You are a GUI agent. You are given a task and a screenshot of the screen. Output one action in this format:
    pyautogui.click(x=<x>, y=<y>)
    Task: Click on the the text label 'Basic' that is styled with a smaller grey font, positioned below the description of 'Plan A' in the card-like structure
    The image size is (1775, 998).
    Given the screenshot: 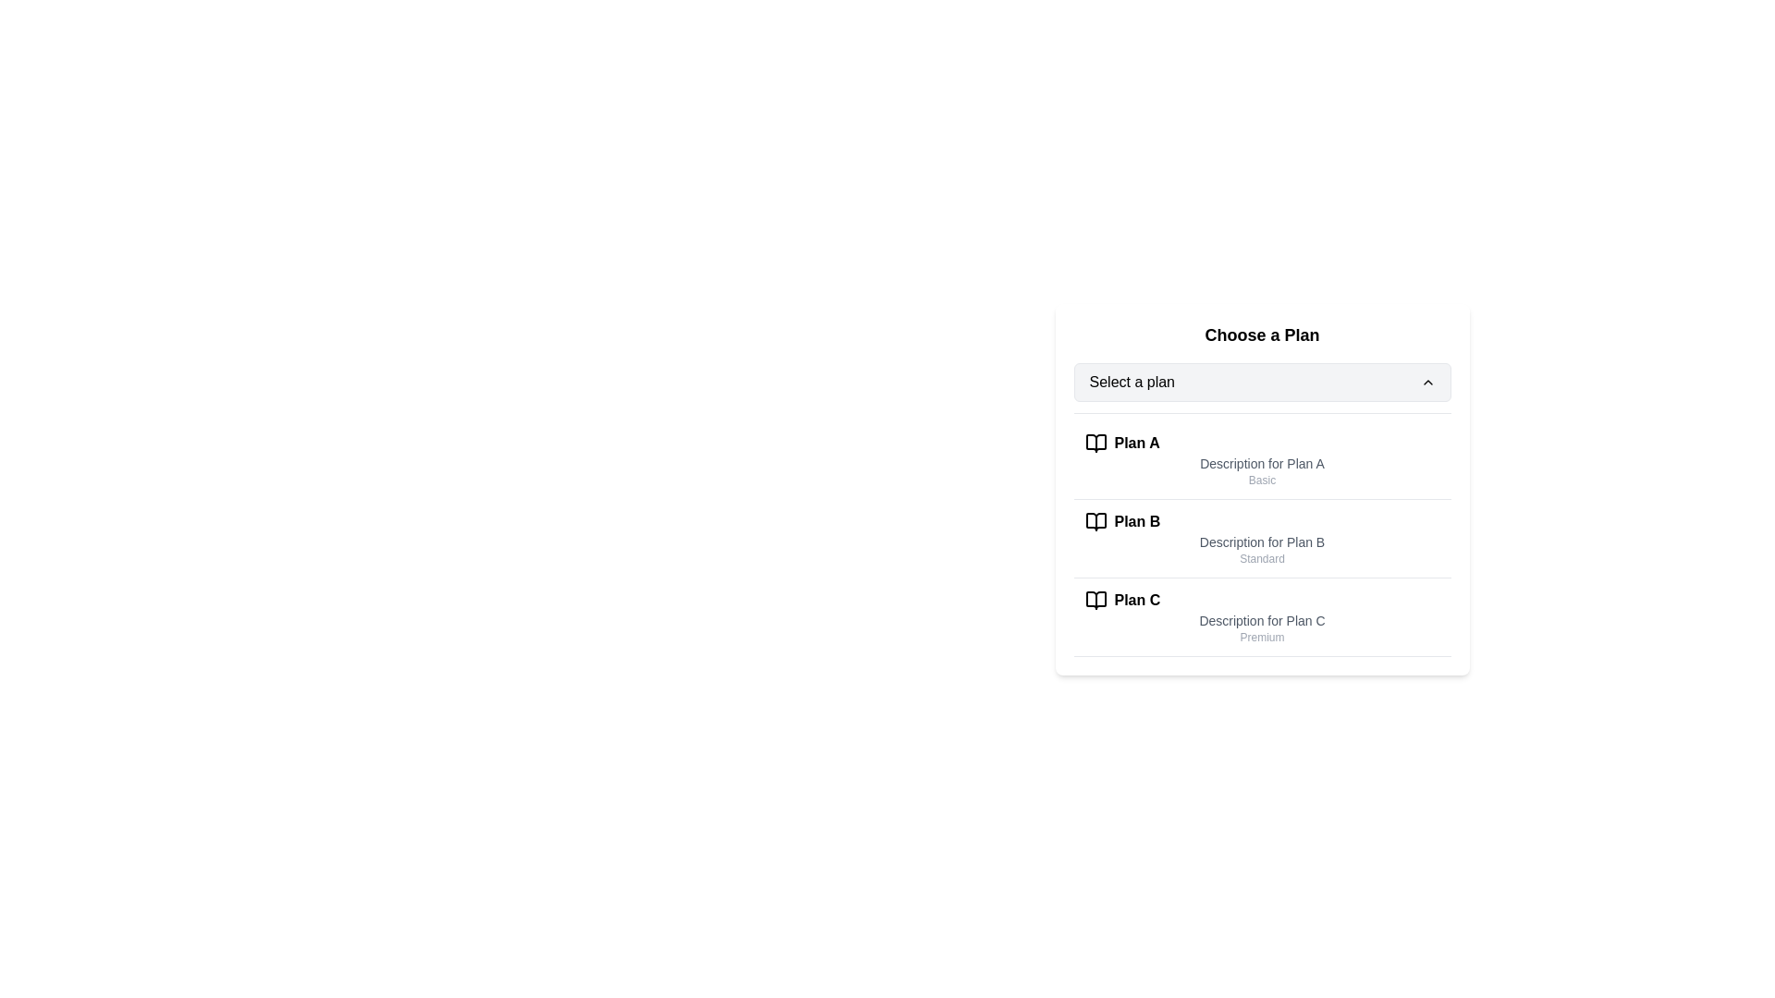 What is the action you would take?
    pyautogui.click(x=1261, y=480)
    